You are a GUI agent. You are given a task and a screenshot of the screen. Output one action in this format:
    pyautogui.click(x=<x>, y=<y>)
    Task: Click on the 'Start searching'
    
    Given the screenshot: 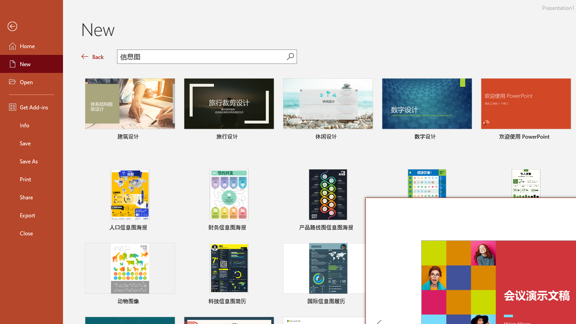 What is the action you would take?
    pyautogui.click(x=290, y=56)
    